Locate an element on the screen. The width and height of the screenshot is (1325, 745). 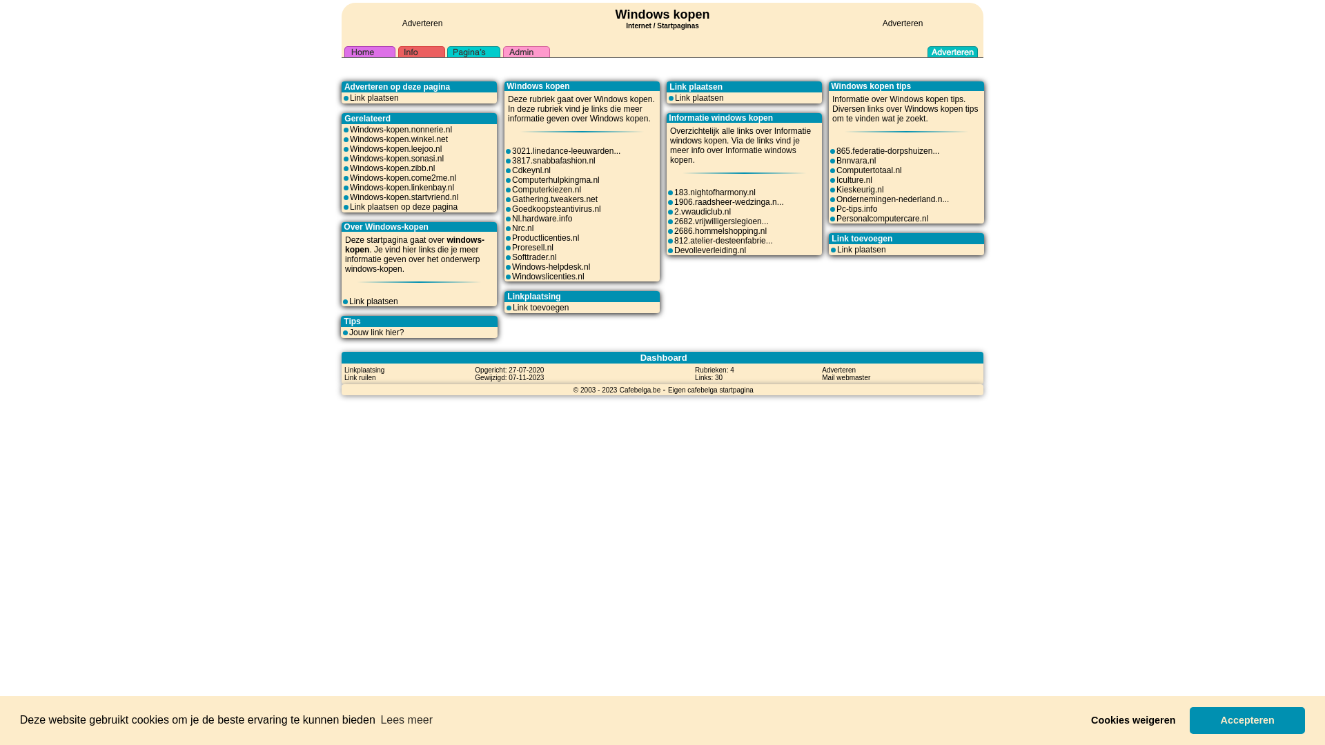
'Cdkeynl.nl' is located at coordinates (530, 169).